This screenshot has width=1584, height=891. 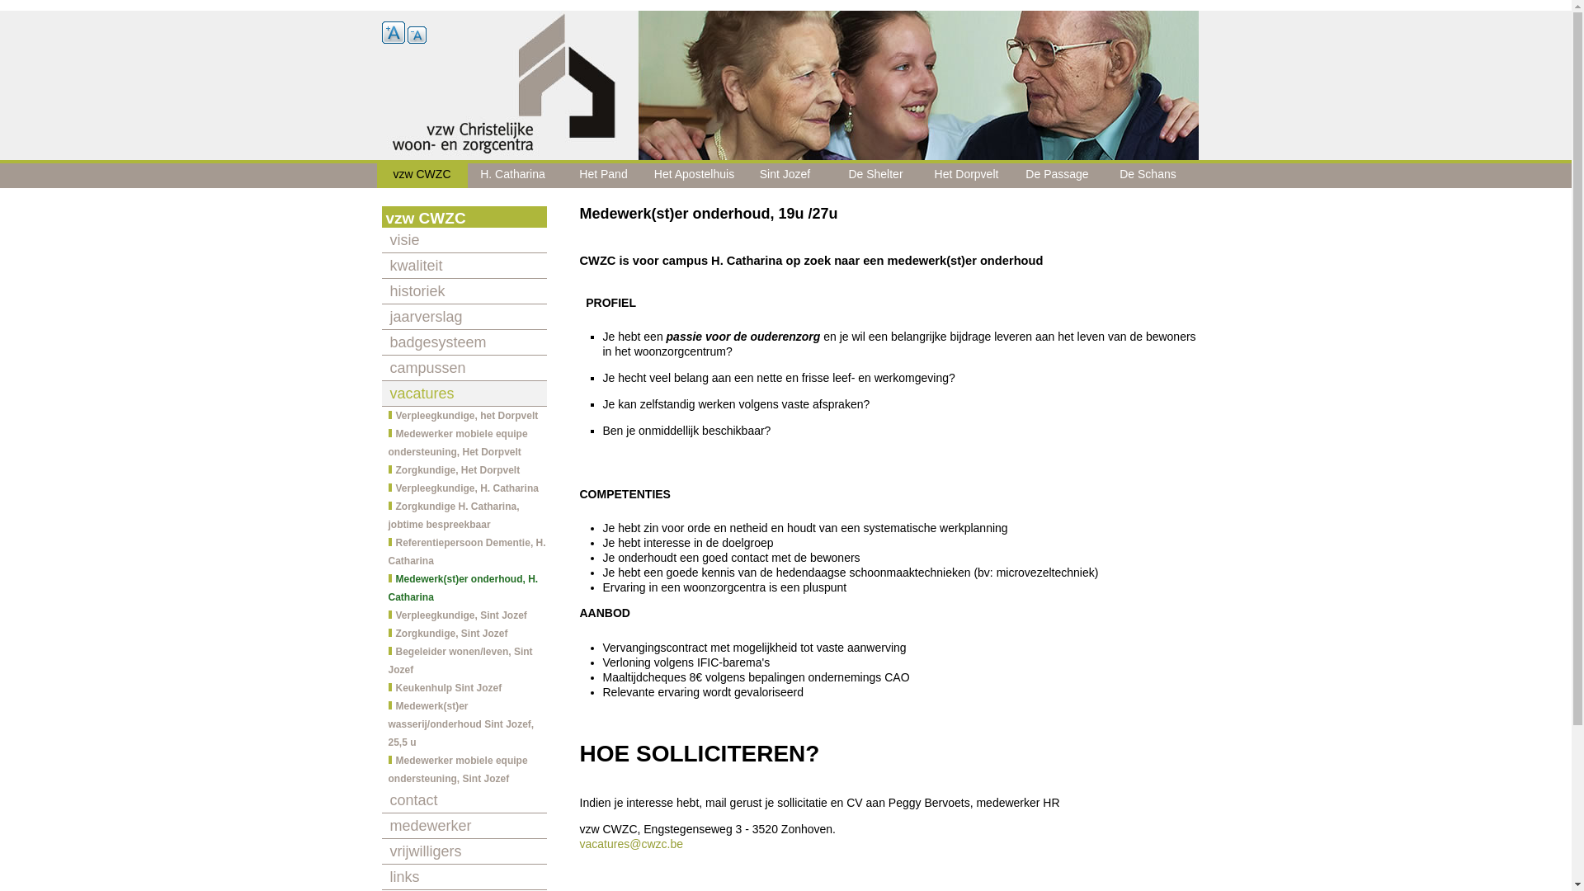 What do you see at coordinates (1147, 174) in the screenshot?
I see `'De Schans'` at bounding box center [1147, 174].